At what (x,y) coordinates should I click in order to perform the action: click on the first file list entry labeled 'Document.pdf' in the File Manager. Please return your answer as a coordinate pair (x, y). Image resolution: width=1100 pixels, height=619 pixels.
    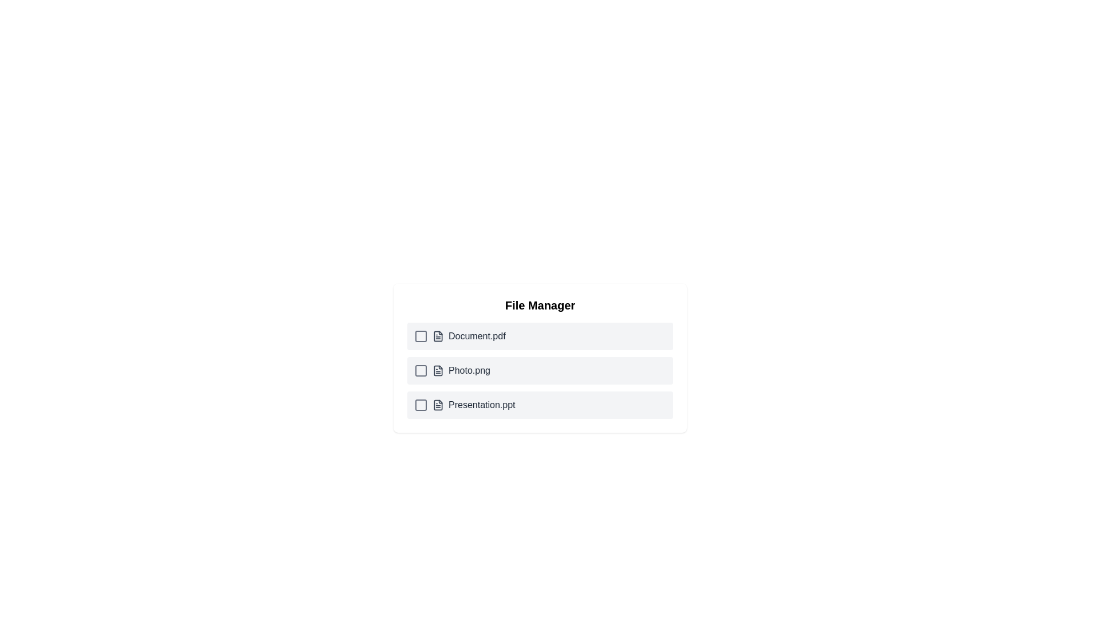
    Looking at the image, I should click on (459, 335).